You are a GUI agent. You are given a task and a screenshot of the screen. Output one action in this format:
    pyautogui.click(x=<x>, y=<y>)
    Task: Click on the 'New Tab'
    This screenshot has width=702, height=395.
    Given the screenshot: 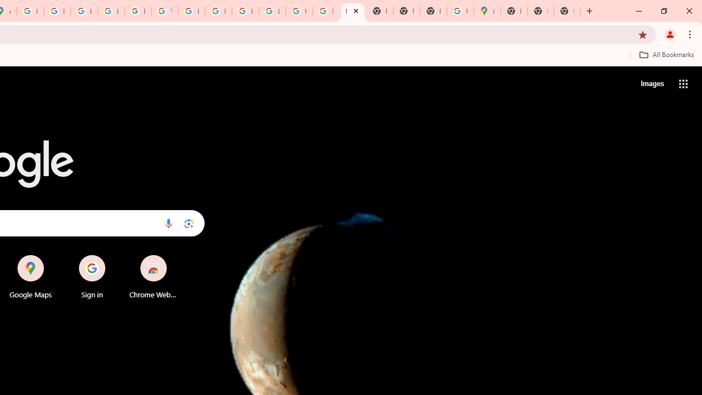 What is the action you would take?
    pyautogui.click(x=513, y=11)
    